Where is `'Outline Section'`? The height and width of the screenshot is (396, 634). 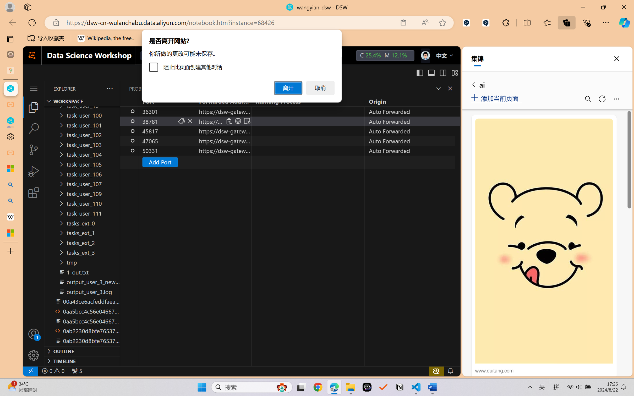 'Outline Section' is located at coordinates (82, 351).